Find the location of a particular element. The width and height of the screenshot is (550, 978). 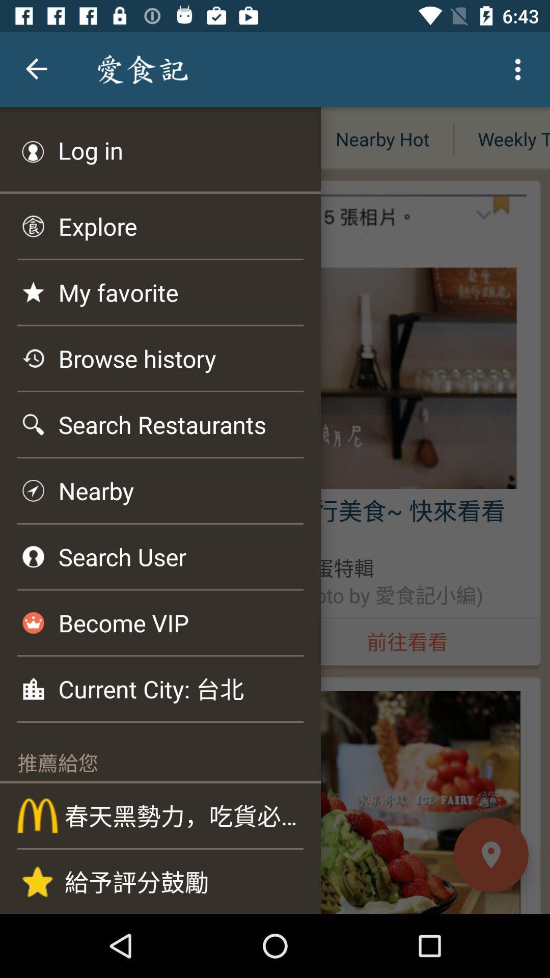

the location icon is located at coordinates (490, 855).